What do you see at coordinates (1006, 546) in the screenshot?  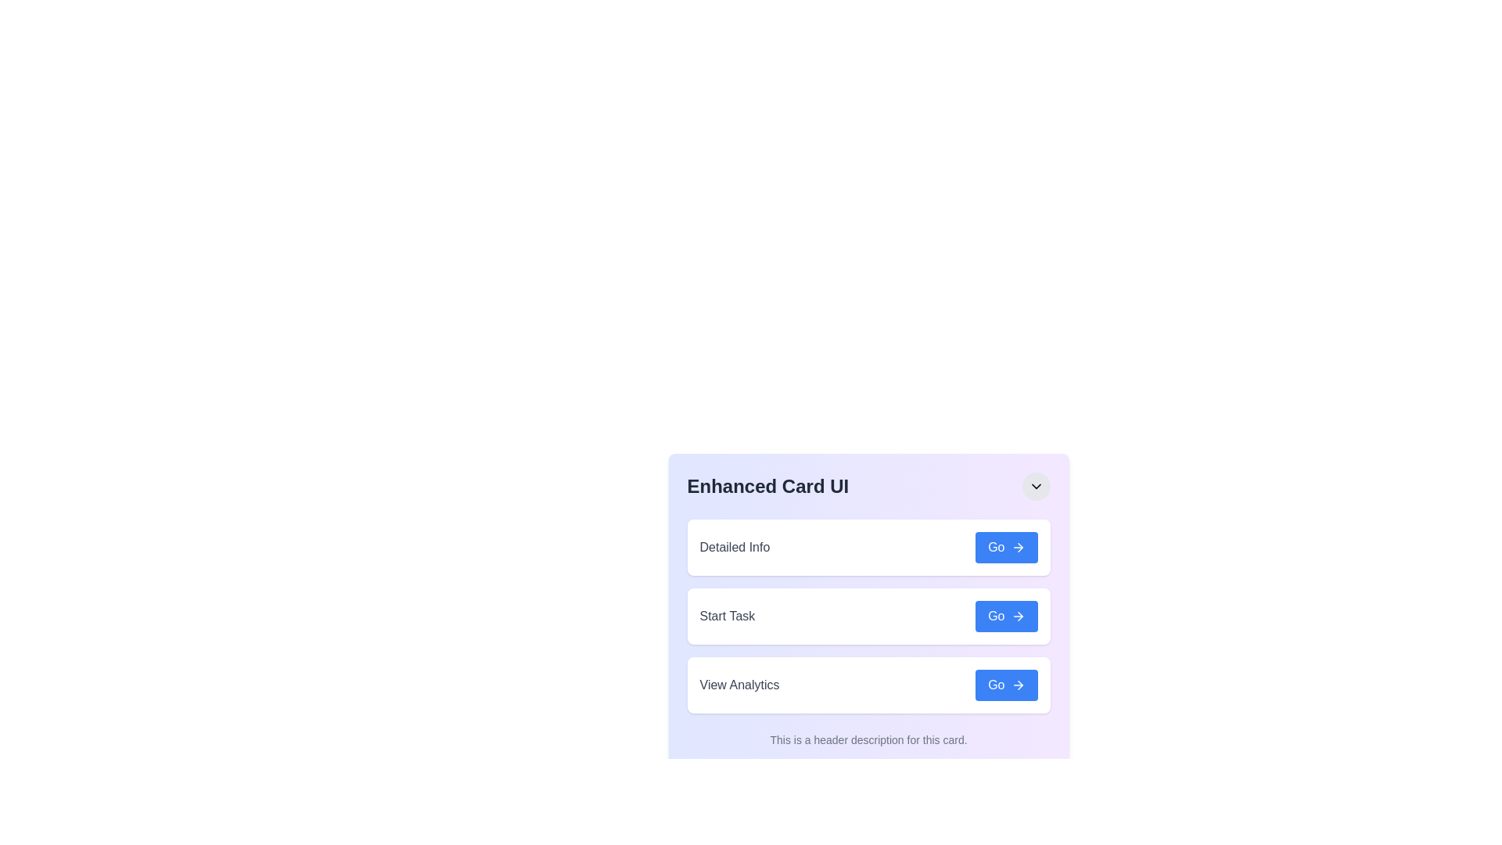 I see `the button labeled 'Go' with a blue background and a right-pointing arrow icon, located below 'Detailed Info' and above the 'Start Task' button to trigger hover effects` at bounding box center [1006, 546].